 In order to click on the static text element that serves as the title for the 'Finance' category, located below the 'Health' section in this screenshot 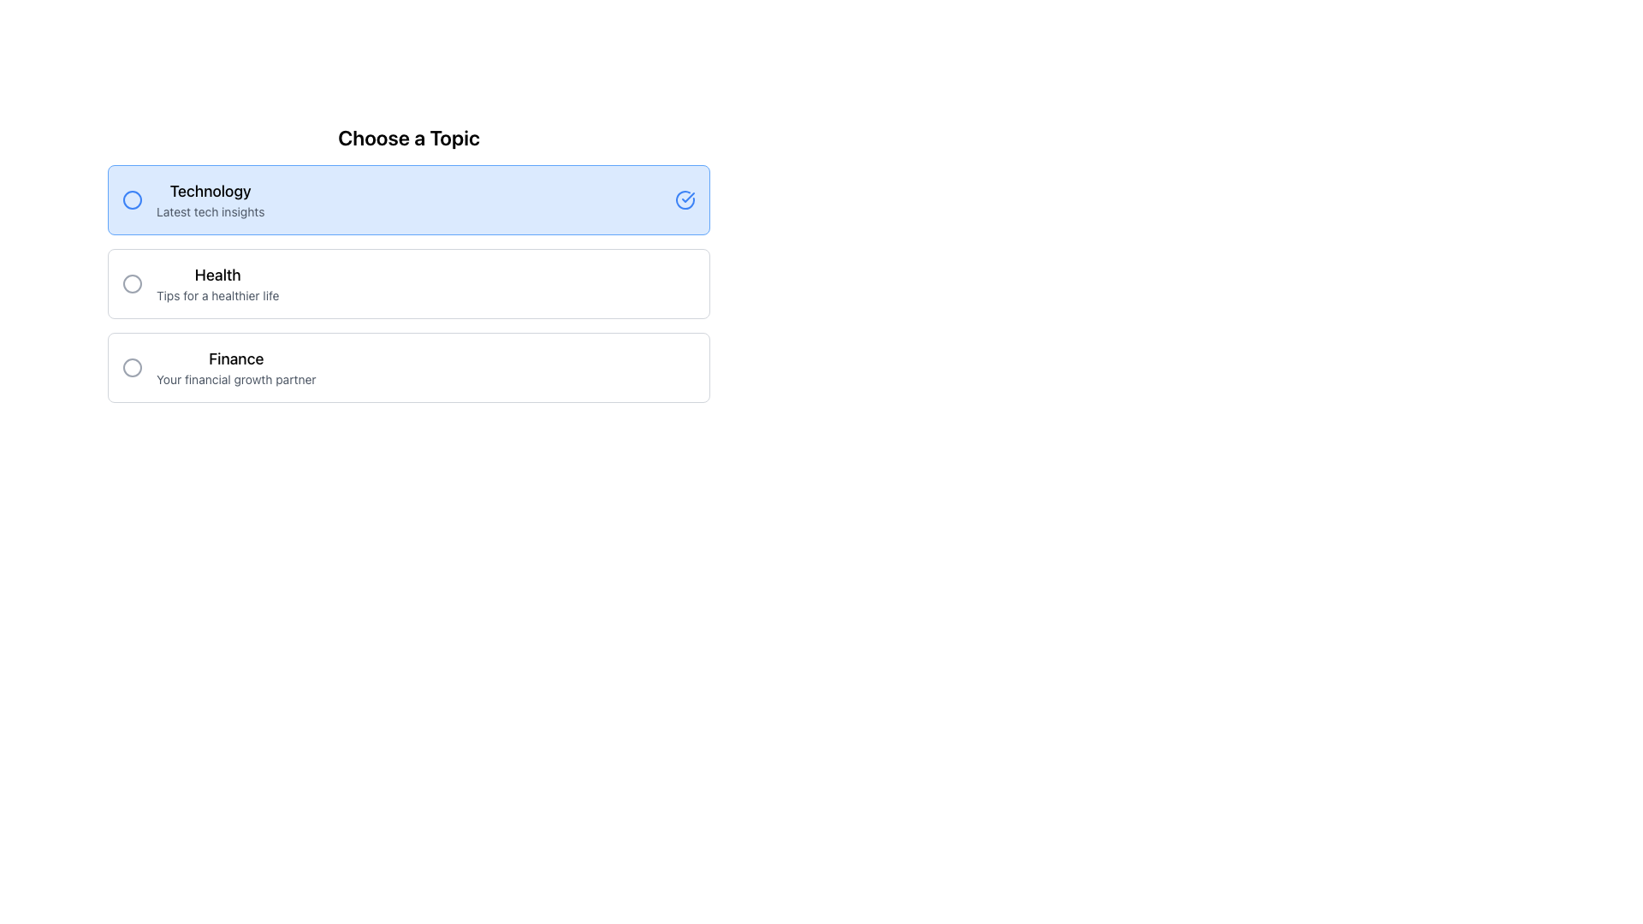, I will do `click(235, 358)`.